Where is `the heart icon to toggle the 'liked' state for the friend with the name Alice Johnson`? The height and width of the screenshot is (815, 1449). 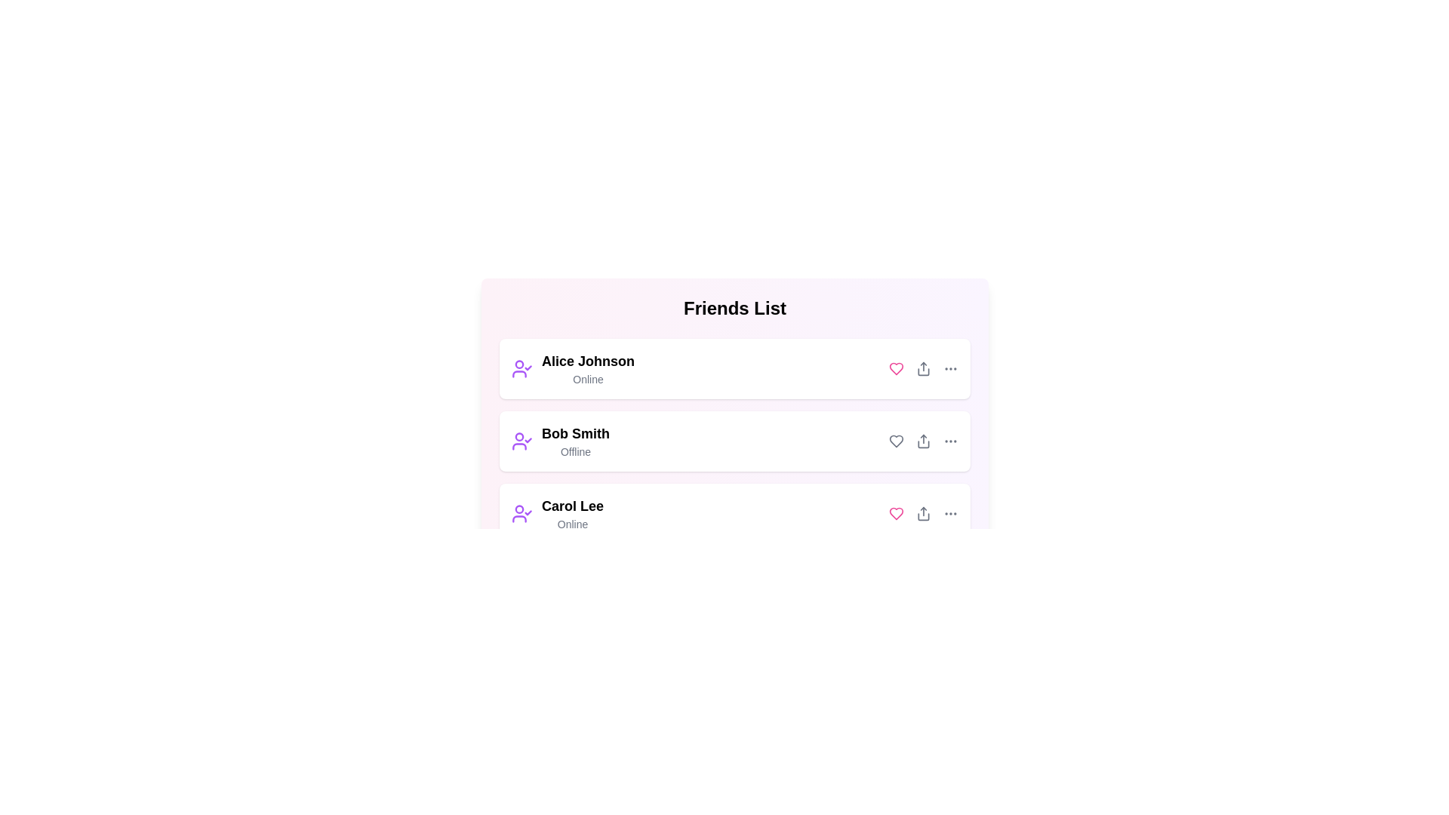
the heart icon to toggle the 'liked' state for the friend with the name Alice Johnson is located at coordinates (897, 369).